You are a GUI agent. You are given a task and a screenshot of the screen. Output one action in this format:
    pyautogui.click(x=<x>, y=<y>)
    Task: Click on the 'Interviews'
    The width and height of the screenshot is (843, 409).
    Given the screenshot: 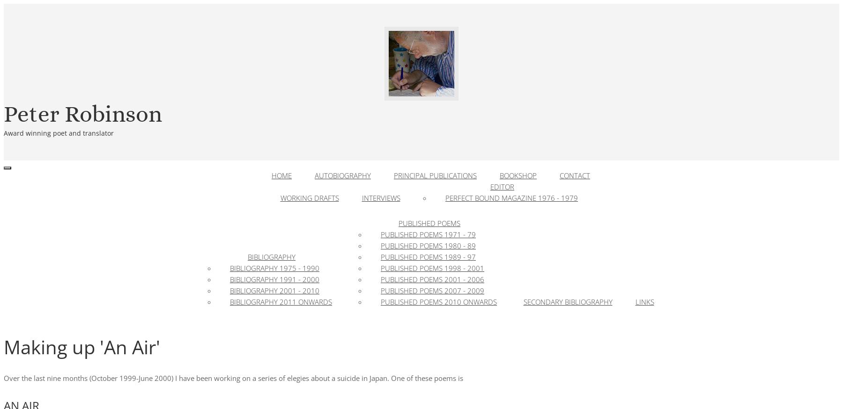 What is the action you would take?
    pyautogui.click(x=381, y=198)
    